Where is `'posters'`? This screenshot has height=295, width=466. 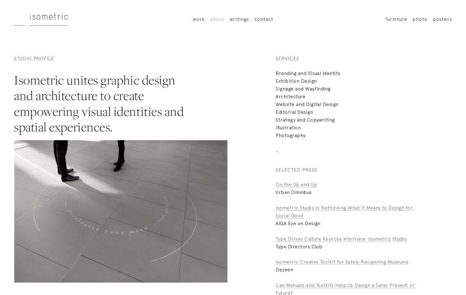
'posters' is located at coordinates (442, 18).